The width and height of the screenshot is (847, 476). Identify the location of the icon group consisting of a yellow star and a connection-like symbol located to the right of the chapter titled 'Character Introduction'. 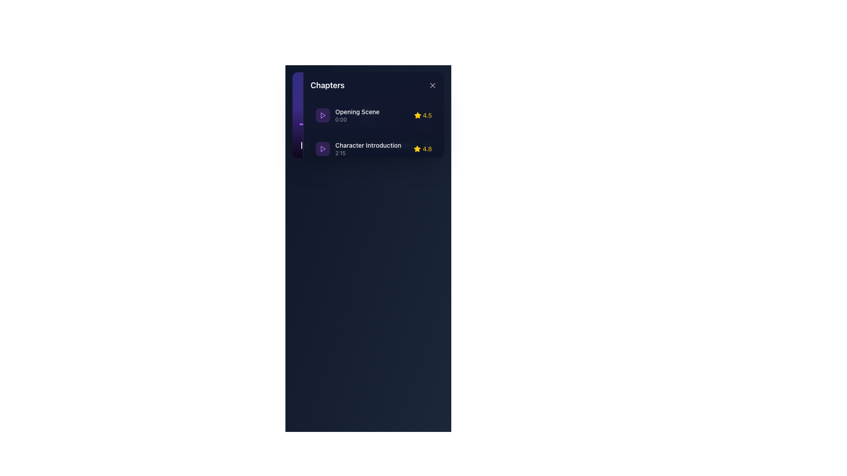
(427, 145).